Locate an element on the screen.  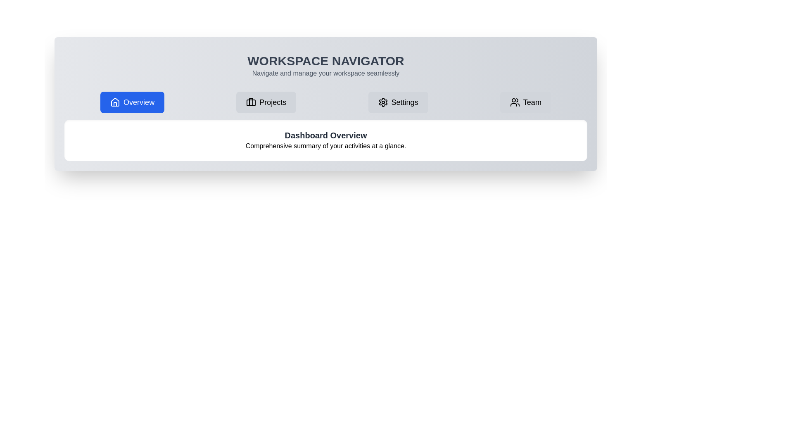
the rounded rectangular button with a blue background labeled 'Overview' is located at coordinates (132, 102).